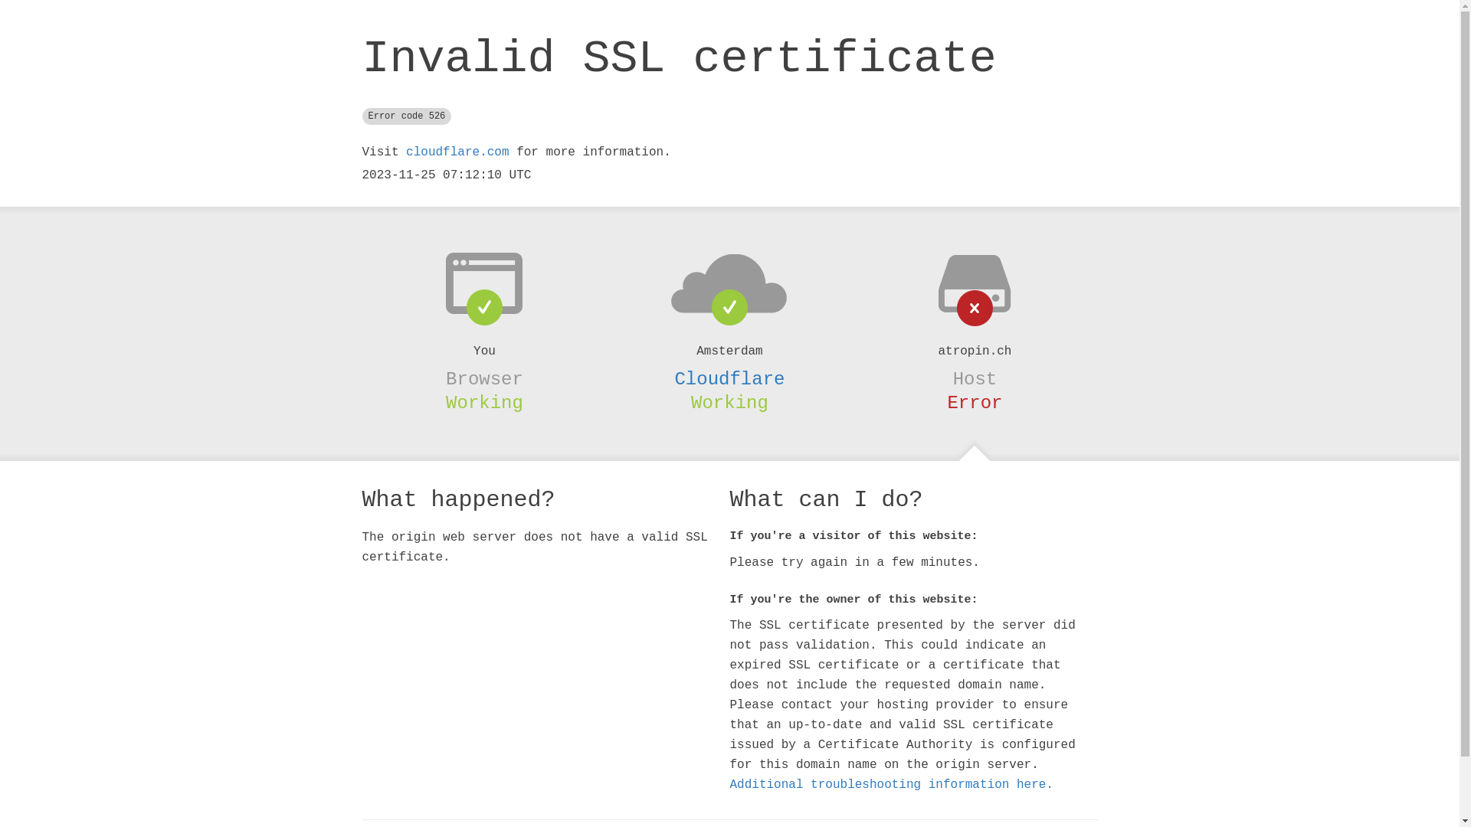 Image resolution: width=1471 pixels, height=827 pixels. What do you see at coordinates (456, 152) in the screenshot?
I see `'cloudflare.com'` at bounding box center [456, 152].